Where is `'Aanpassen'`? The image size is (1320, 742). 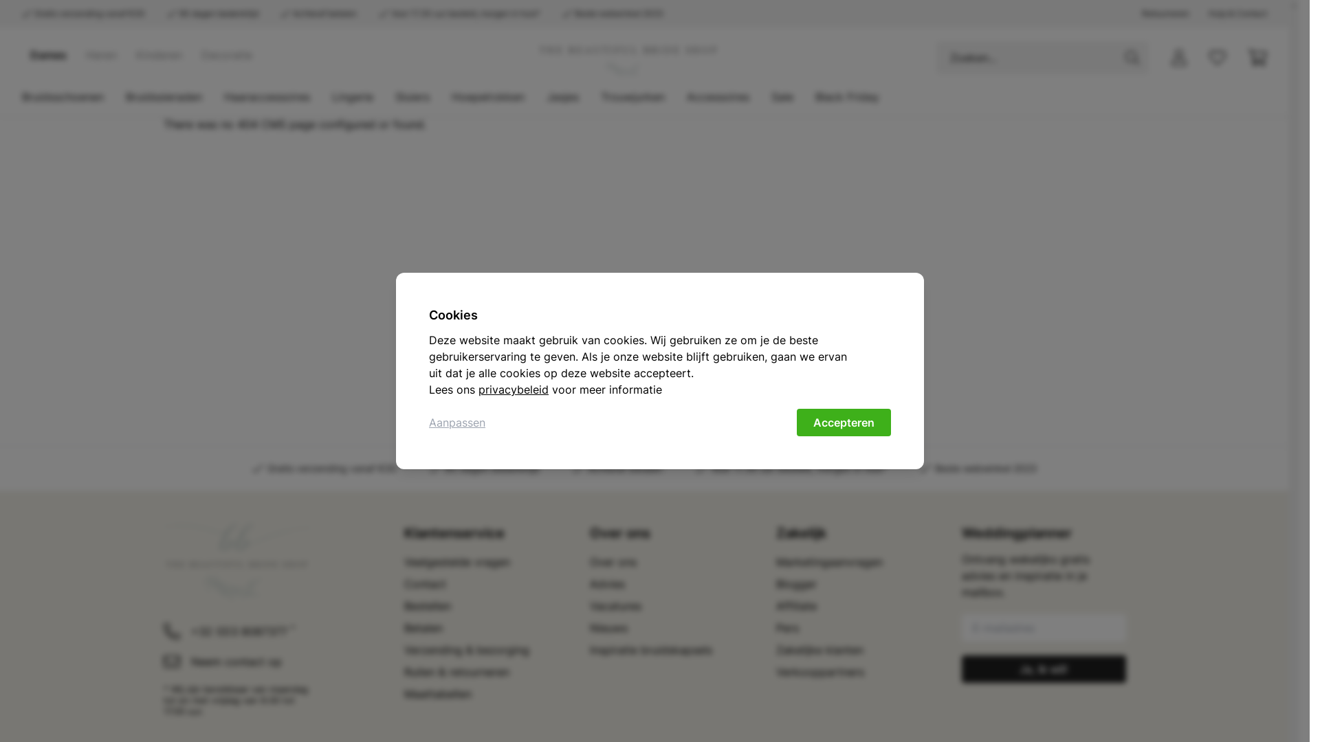 'Aanpassen' is located at coordinates (457, 421).